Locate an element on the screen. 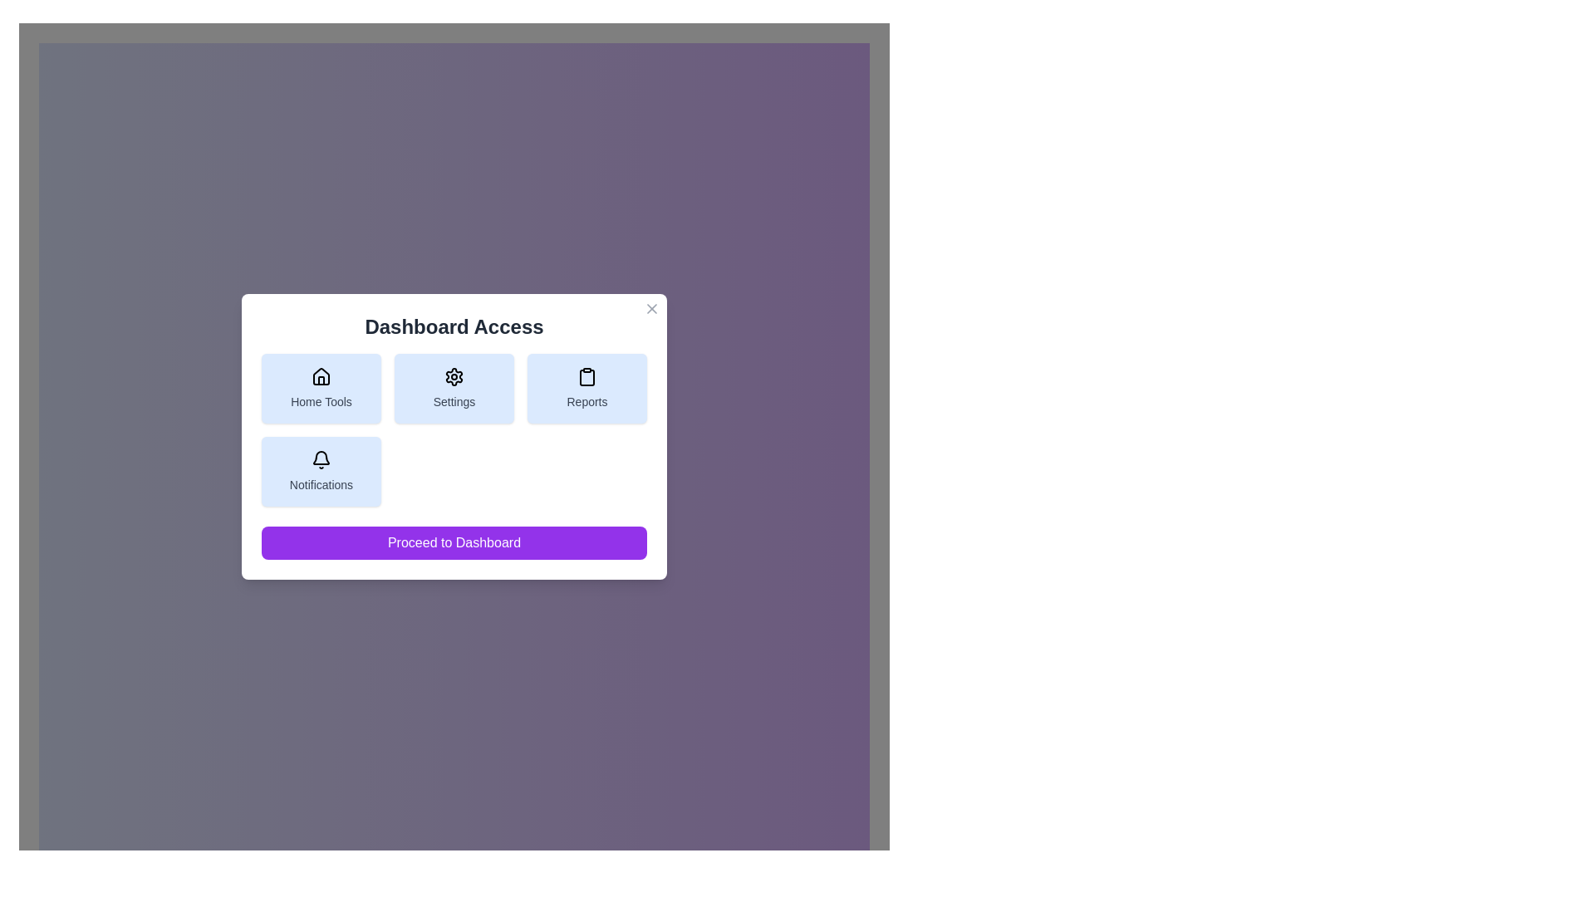 This screenshot has height=897, width=1595. the clipboard-shaped icon located within the 'Reports' button, which is the third button in a row at the upper part of the modal is located at coordinates (586, 377).